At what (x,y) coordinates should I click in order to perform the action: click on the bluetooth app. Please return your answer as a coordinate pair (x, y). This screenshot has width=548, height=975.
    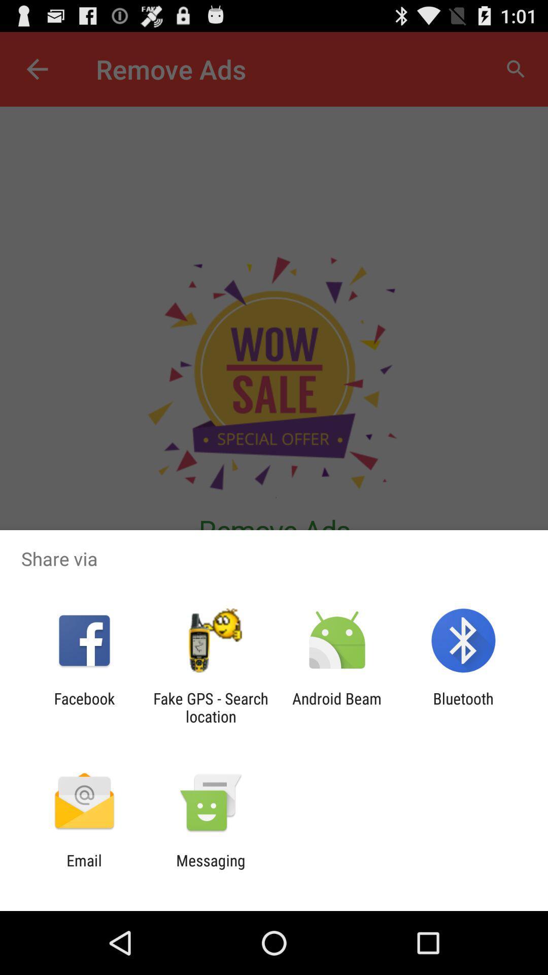
    Looking at the image, I should click on (463, 707).